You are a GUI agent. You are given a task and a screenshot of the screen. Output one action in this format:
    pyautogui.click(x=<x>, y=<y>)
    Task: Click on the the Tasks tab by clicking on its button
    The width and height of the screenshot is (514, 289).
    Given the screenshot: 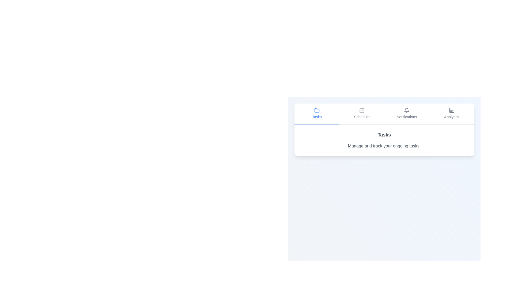 What is the action you would take?
    pyautogui.click(x=317, y=113)
    